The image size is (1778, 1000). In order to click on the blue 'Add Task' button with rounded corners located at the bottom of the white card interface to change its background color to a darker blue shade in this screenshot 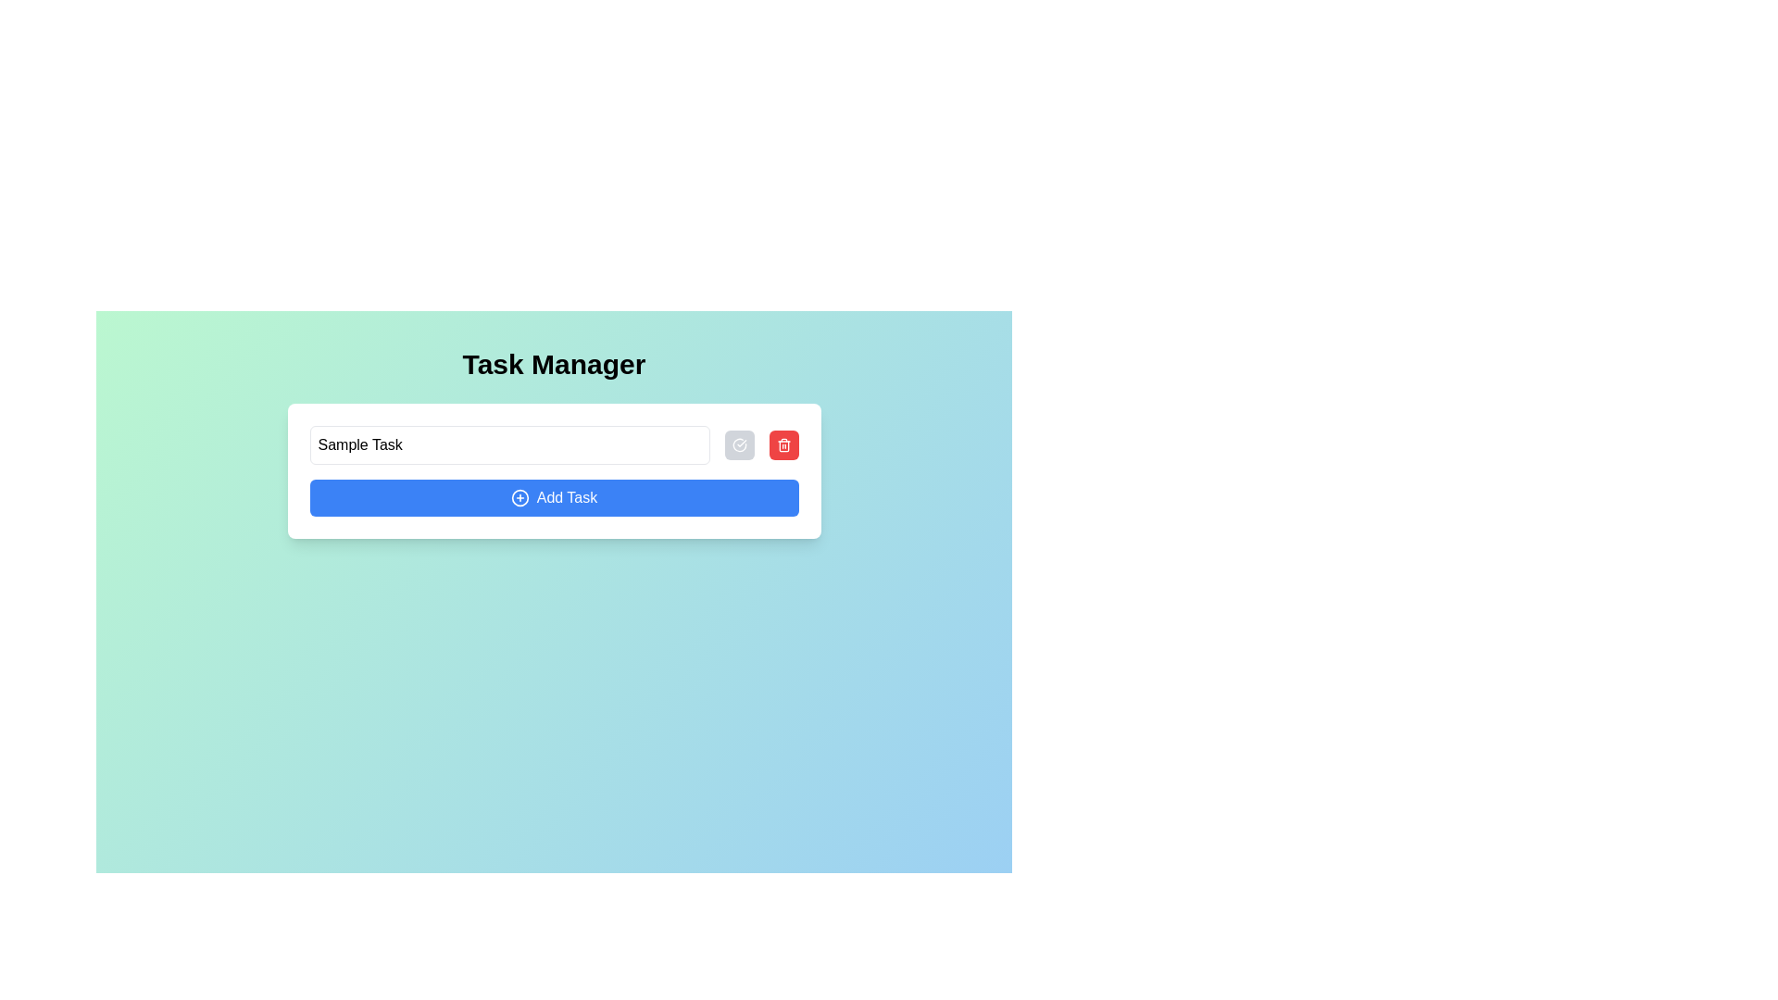, I will do `click(553, 470)`.